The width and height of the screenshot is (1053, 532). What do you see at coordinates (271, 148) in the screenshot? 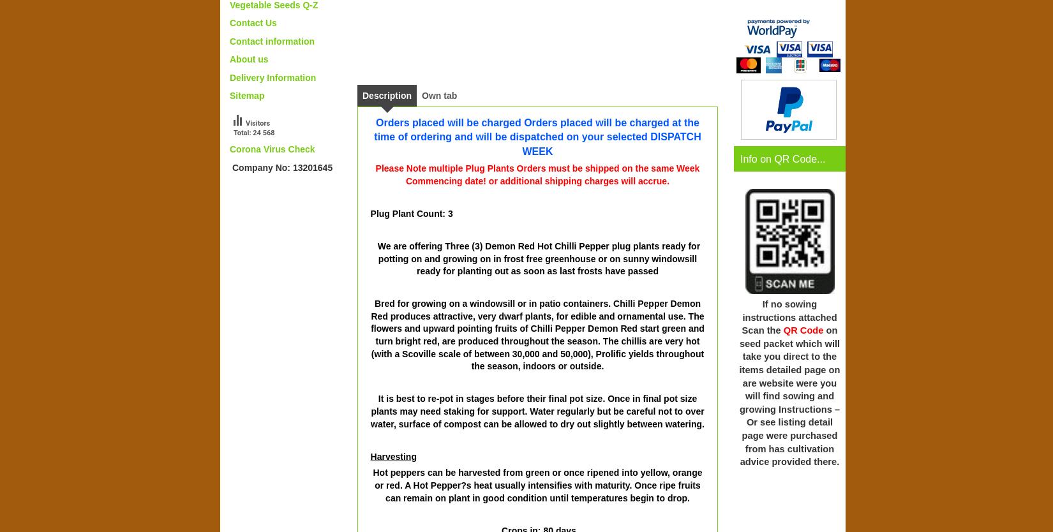
I see `'Corona Virus Check'` at bounding box center [271, 148].